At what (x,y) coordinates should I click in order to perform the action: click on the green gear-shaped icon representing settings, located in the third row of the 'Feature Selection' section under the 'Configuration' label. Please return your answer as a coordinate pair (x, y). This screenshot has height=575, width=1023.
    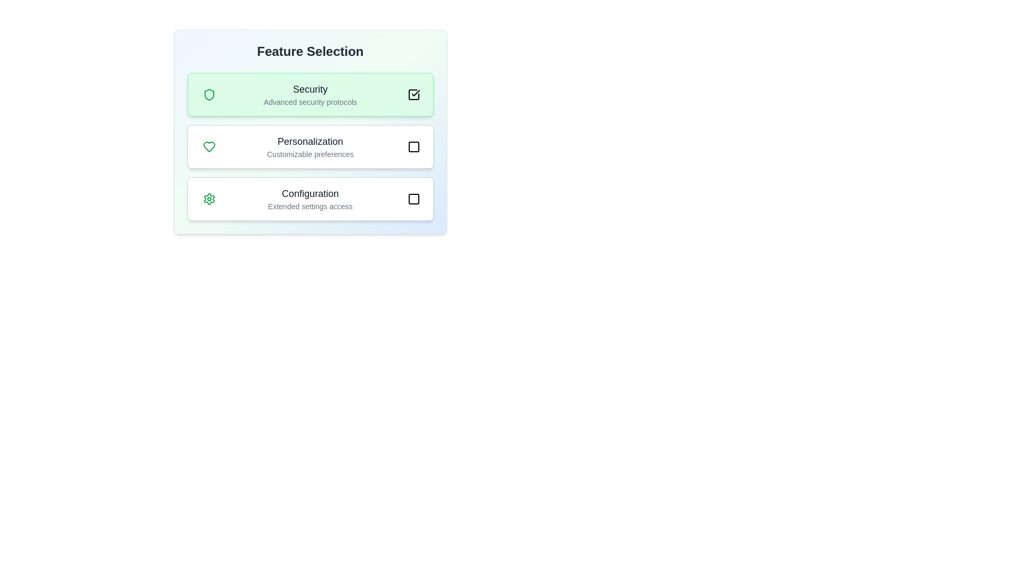
    Looking at the image, I should click on (209, 199).